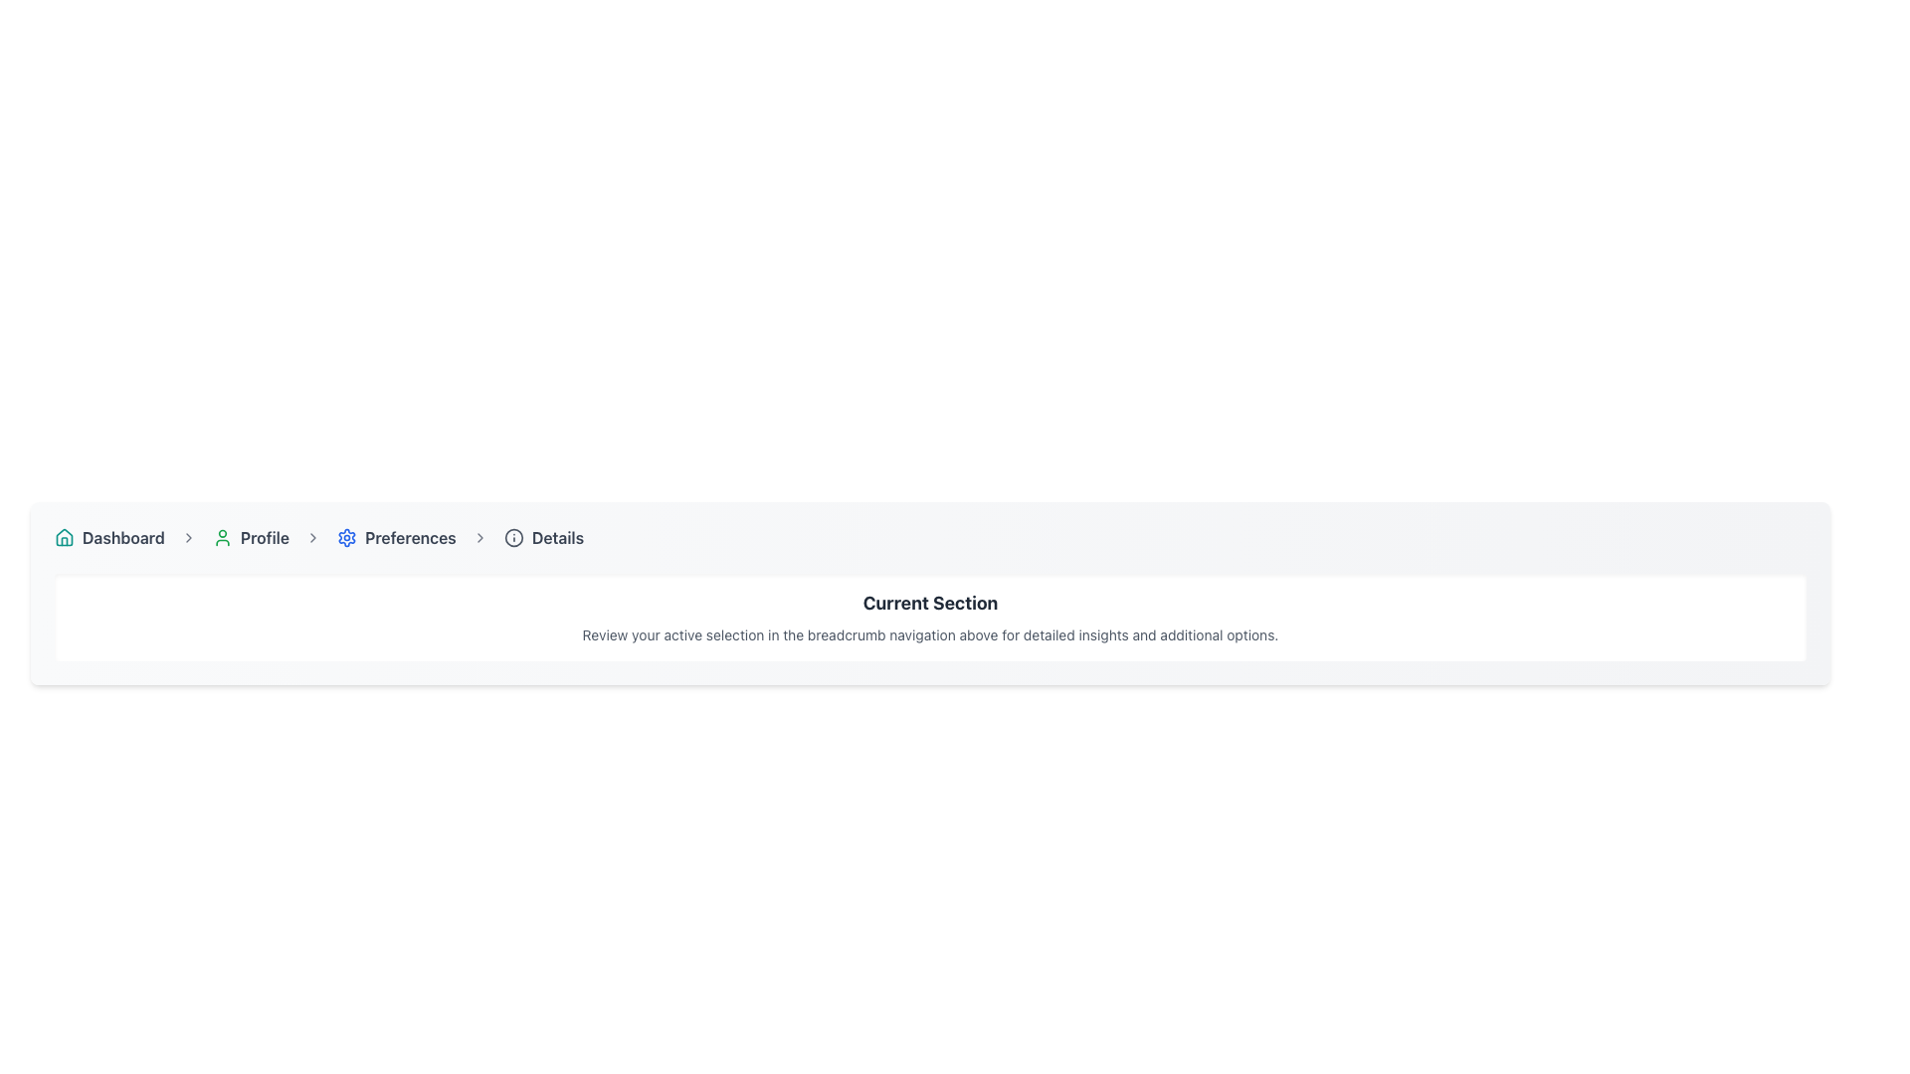  I want to click on the interactive link labeled 'Dashboard' located at the leftmost position of the breadcrumb navigation bar, so click(108, 537).